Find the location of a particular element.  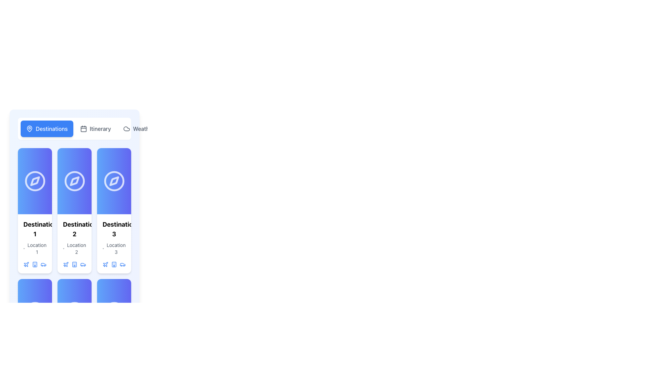

the travel destination card located is located at coordinates (74, 244).